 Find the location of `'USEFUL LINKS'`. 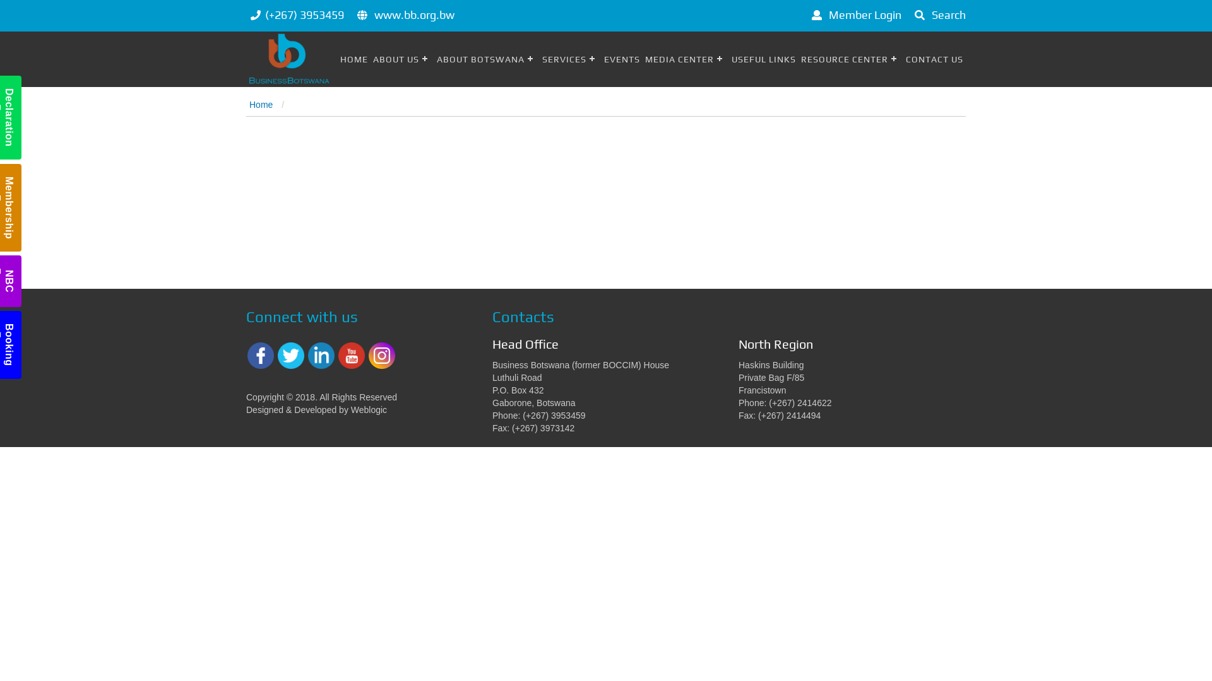

'USEFUL LINKS' is located at coordinates (729, 59).